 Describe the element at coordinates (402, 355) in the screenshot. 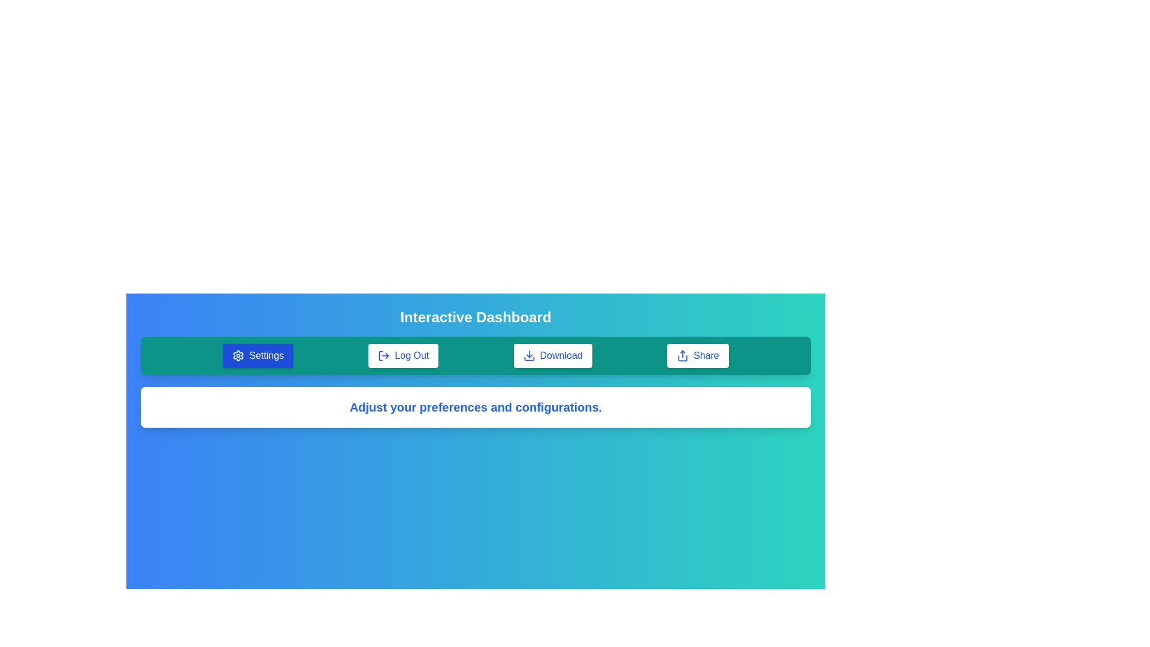

I see `the Log Out button to trigger its functionality` at that location.